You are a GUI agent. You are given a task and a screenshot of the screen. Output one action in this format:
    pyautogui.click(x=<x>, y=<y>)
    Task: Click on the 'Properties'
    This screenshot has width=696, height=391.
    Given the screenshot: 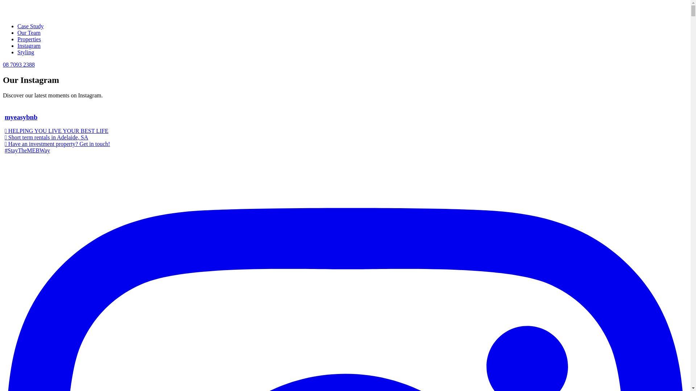 What is the action you would take?
    pyautogui.click(x=29, y=39)
    